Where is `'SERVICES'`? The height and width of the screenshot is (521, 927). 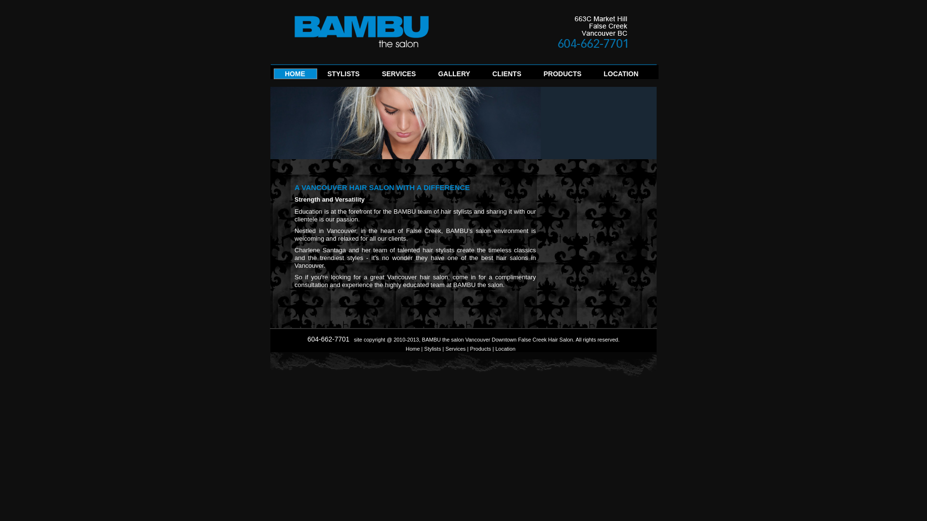 'SERVICES' is located at coordinates (399, 76).